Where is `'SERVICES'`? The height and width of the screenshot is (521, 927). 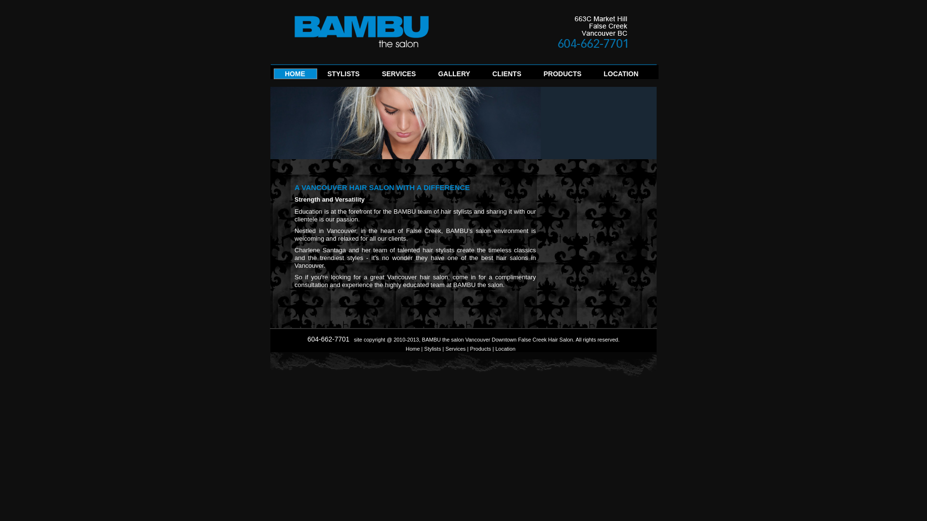 'SERVICES' is located at coordinates (399, 76).